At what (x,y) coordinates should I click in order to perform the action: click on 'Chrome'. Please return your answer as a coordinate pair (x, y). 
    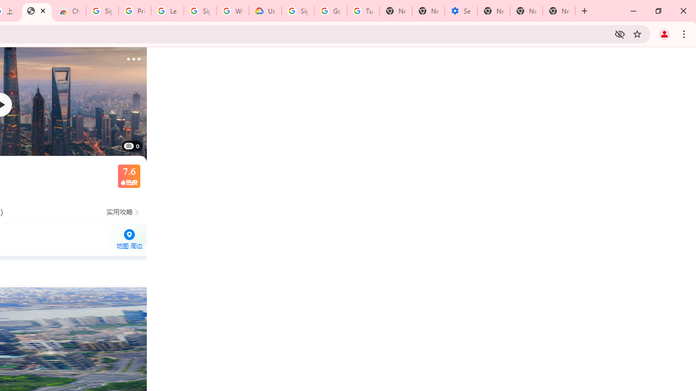
    Looking at the image, I should click on (685, 33).